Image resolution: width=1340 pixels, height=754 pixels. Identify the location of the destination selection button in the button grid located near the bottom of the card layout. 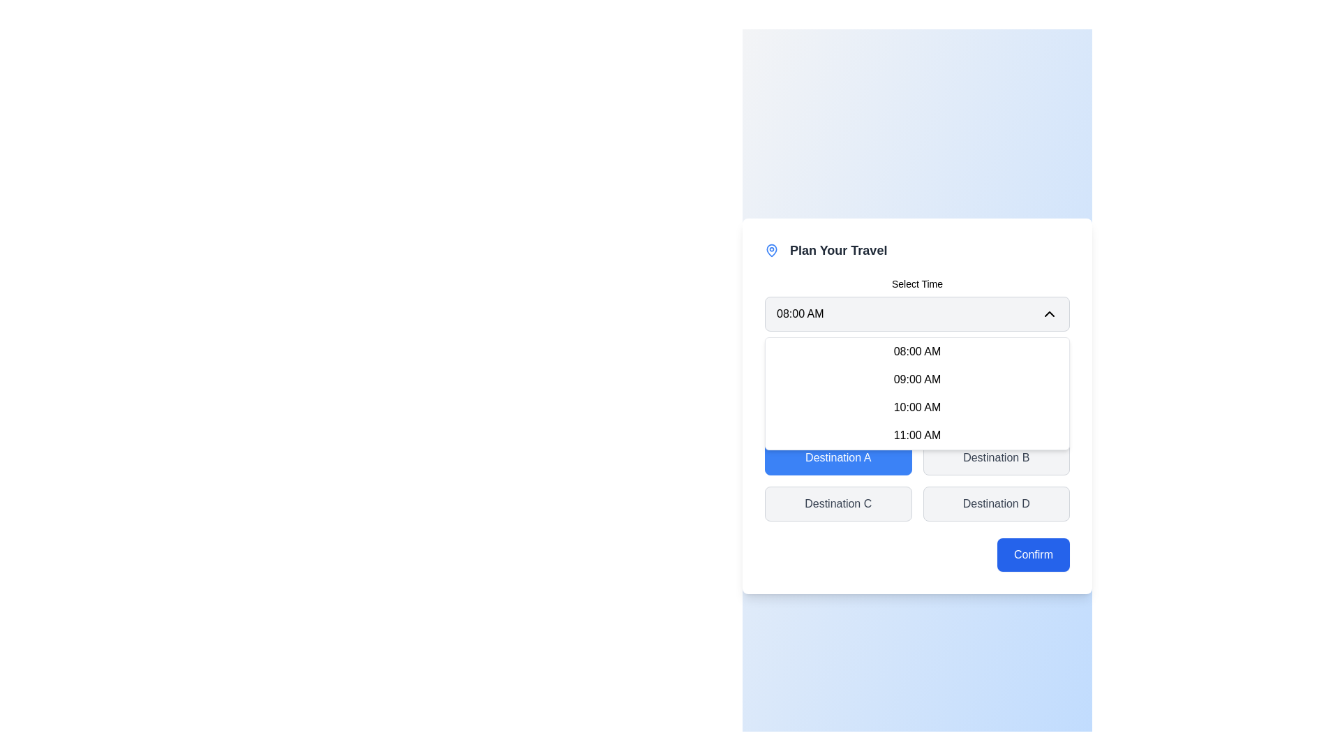
(917, 471).